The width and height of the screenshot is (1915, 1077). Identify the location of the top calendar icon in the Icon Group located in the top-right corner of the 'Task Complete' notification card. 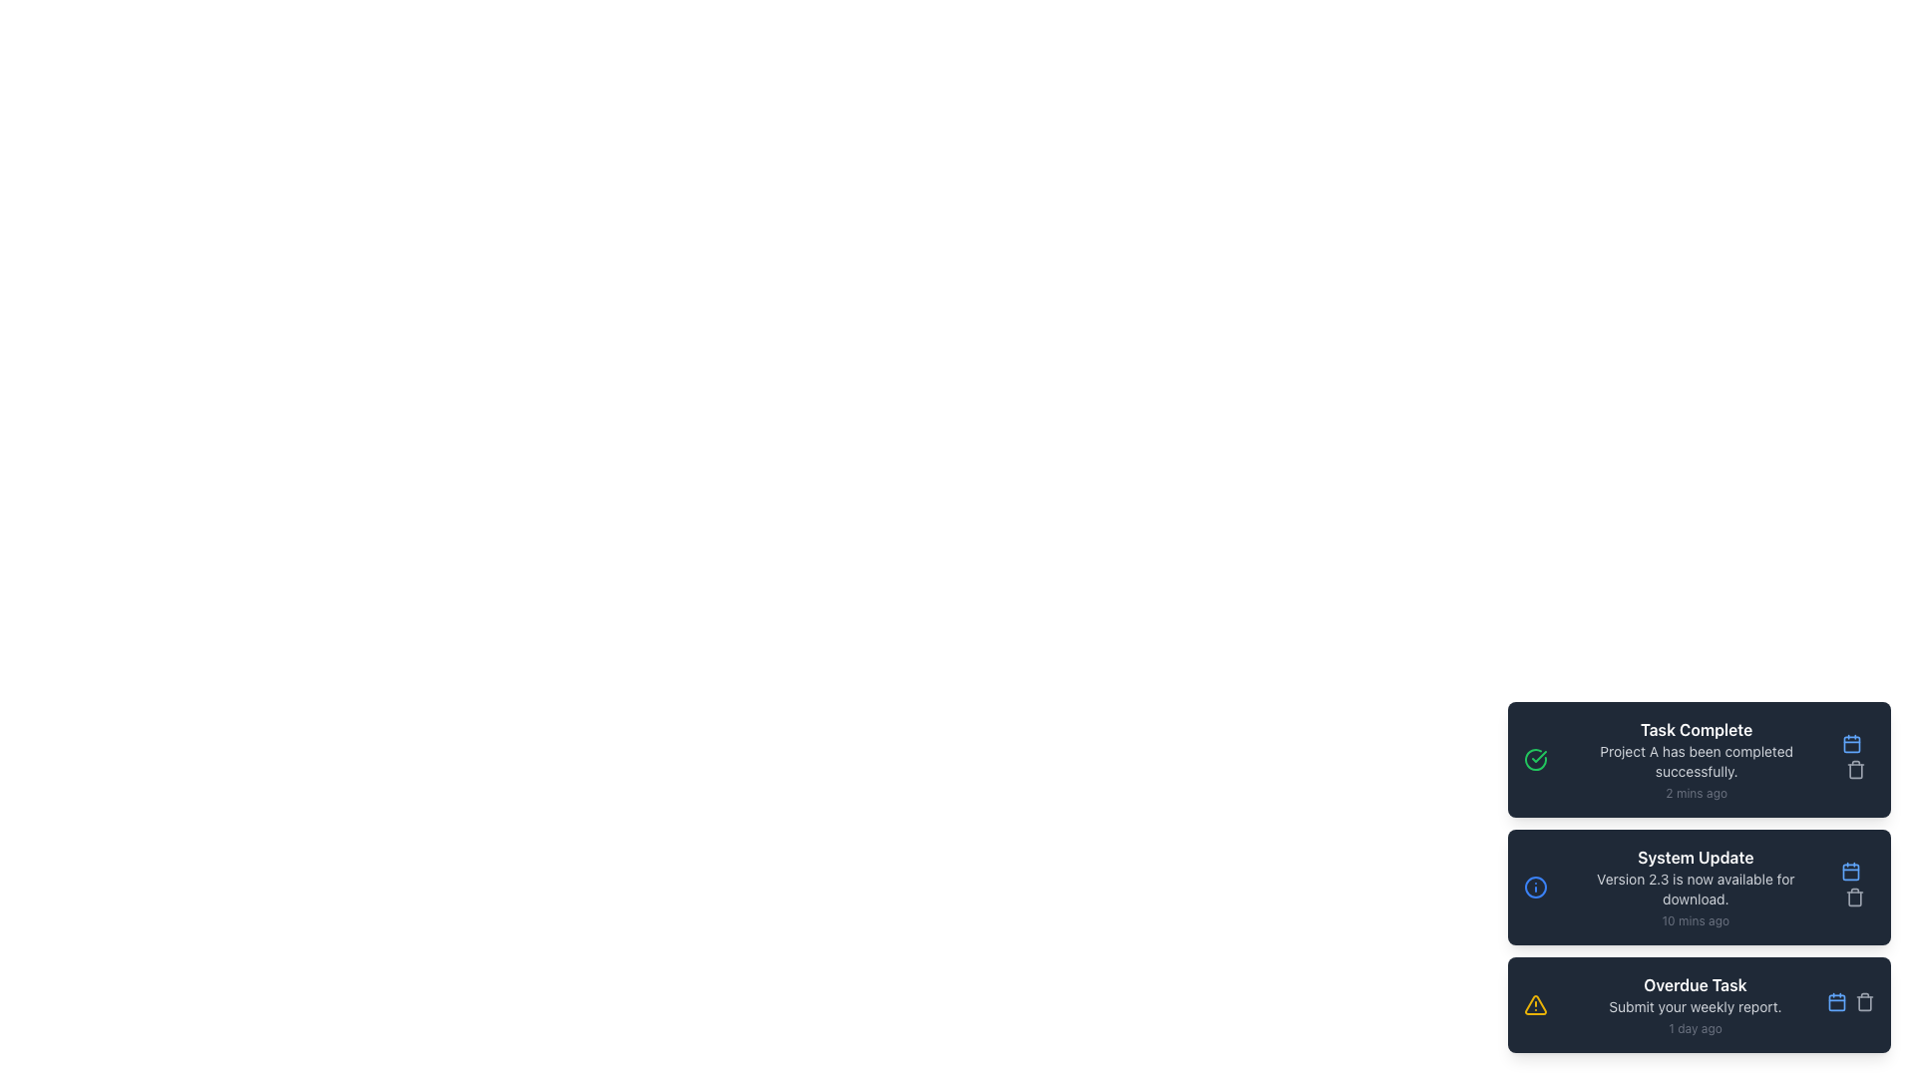
(1851, 760).